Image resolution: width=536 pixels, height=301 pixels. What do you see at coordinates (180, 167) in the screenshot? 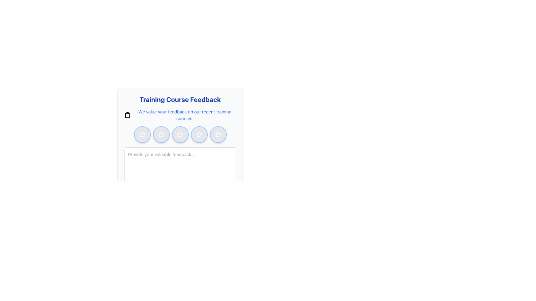
I see `inside the textarea for user feedback, which is positioned below a row of circular buttons and above the 'Positive' and 'Negative' buttons` at bounding box center [180, 167].